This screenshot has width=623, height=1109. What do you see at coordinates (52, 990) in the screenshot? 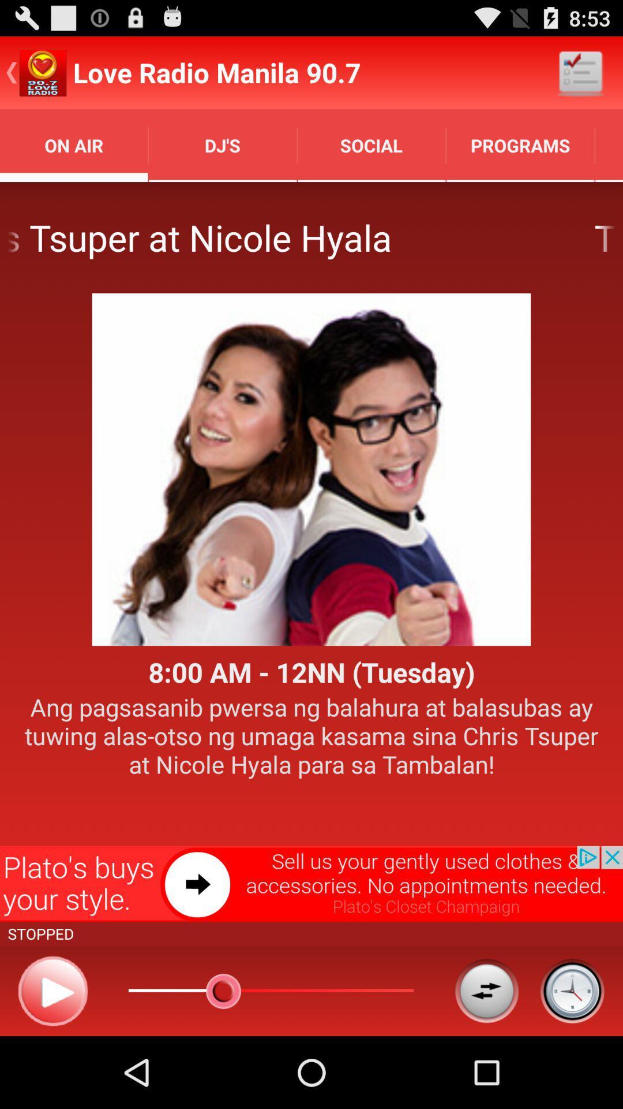
I see `content` at bounding box center [52, 990].